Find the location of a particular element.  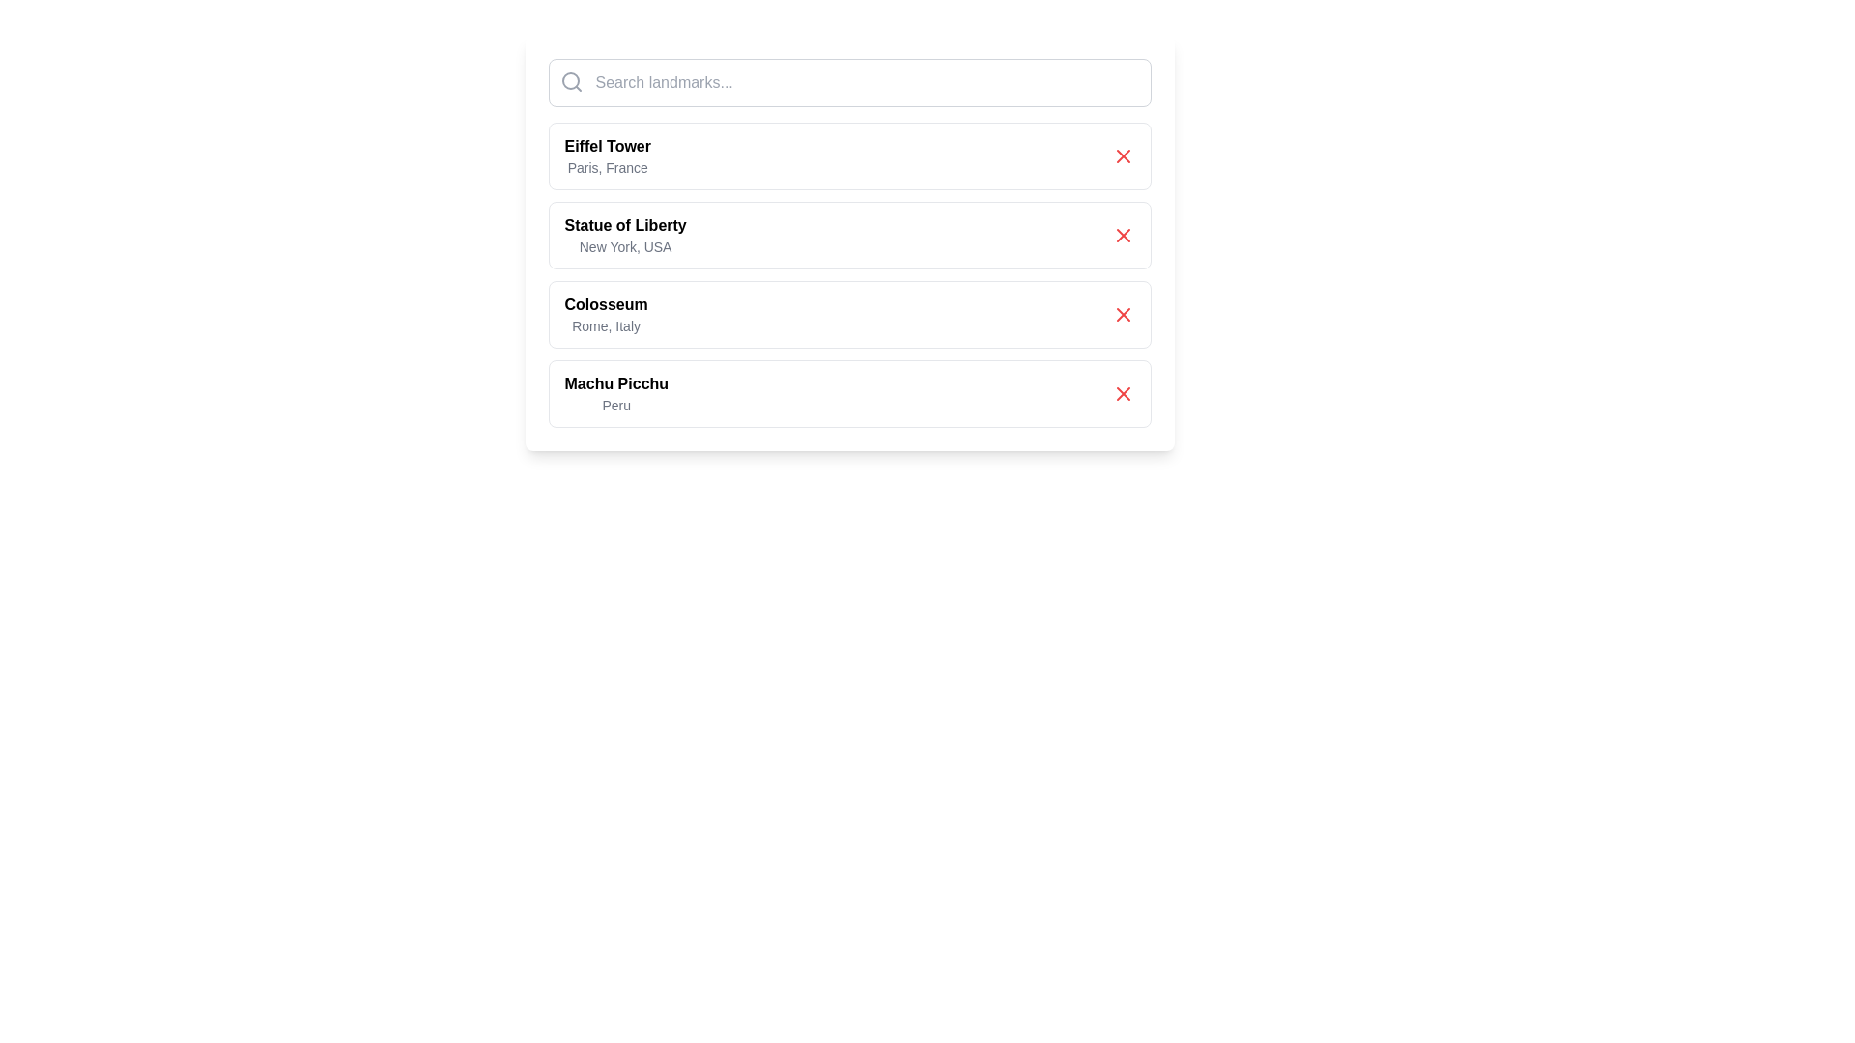

text label that displays 'Paris, France', which is located below the text 'Eiffel Tower' in a light gray color on the top card of the vertical list of landmarks is located at coordinates (607, 166).